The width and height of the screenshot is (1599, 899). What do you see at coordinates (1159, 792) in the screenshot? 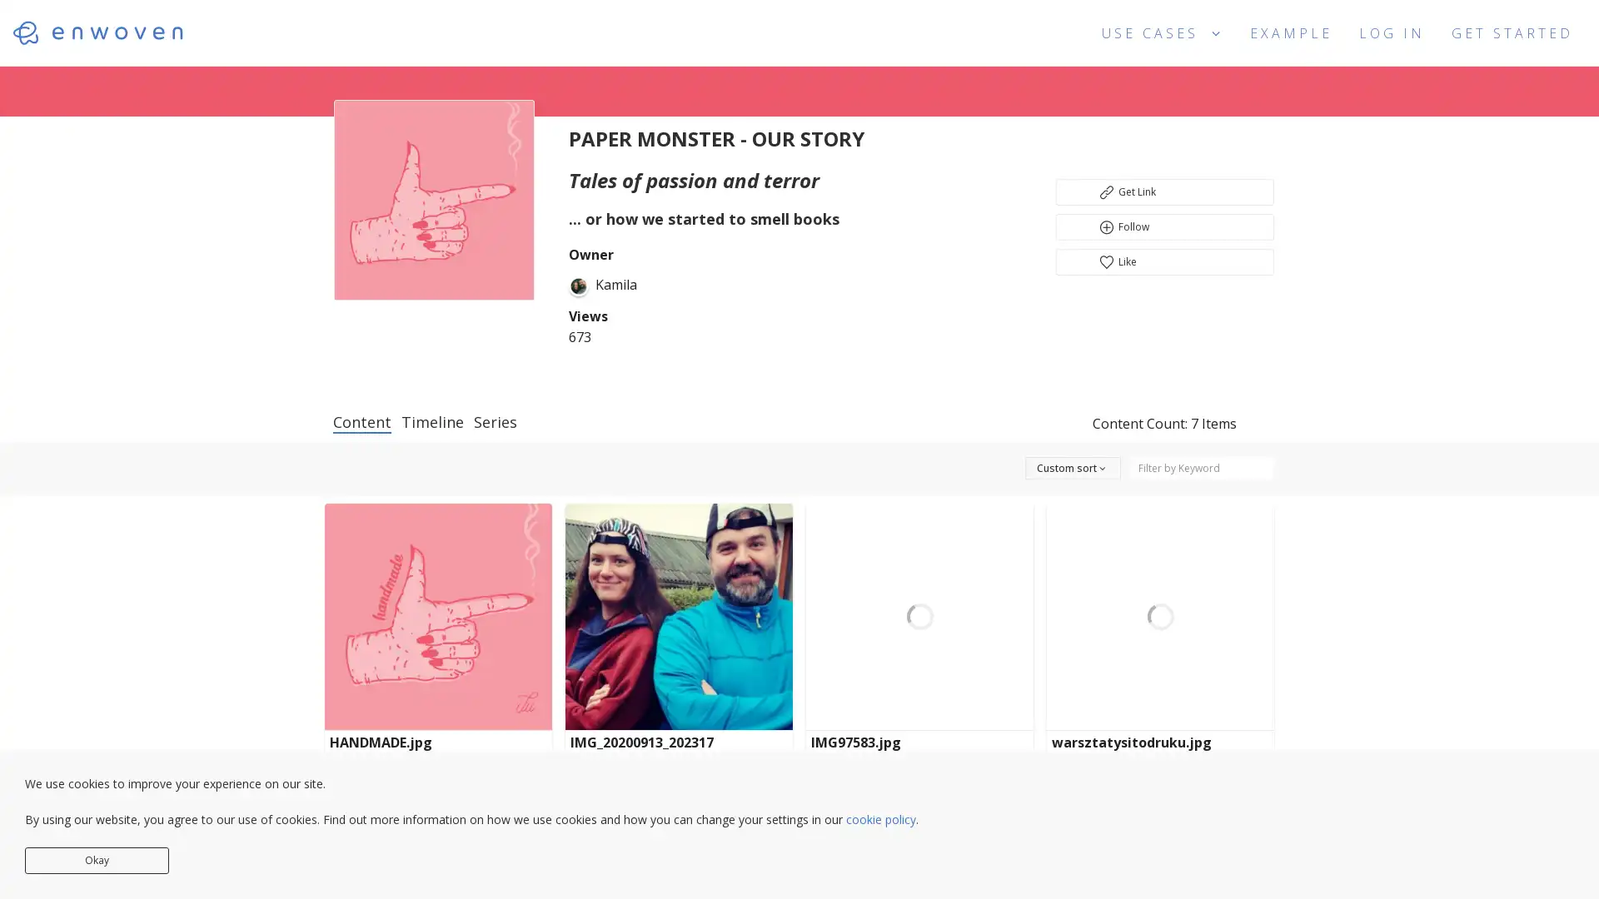
I see `Edit` at bounding box center [1159, 792].